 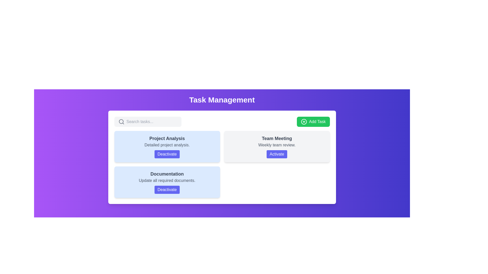 I want to click on the button located in the top right corner of the interactive area to trigger hover effects, so click(x=313, y=122).